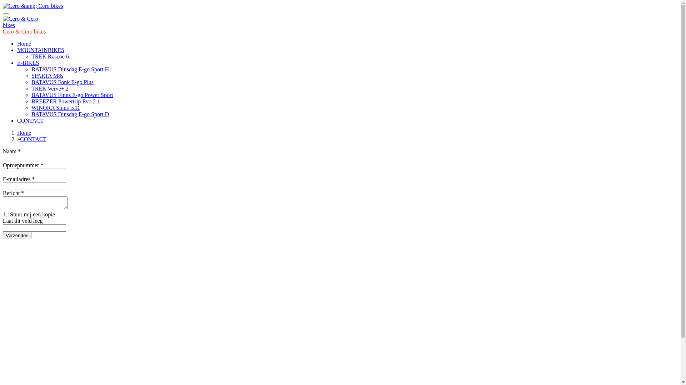  I want to click on 'BATAVUS Dinsdag E-go Sport H', so click(70, 69).